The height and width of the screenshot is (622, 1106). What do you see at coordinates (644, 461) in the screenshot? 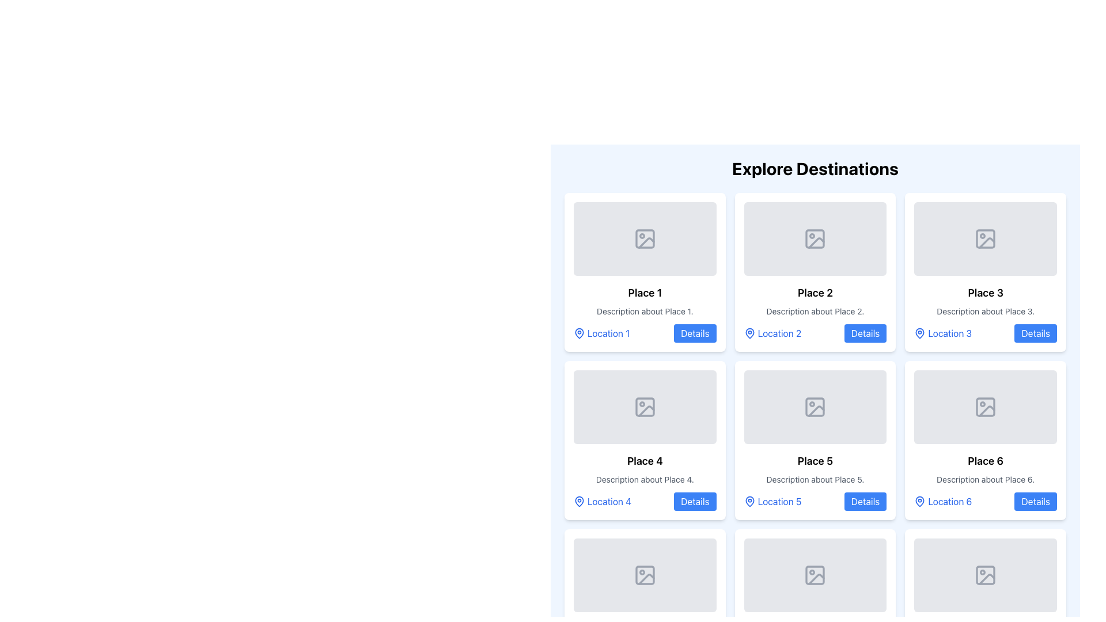
I see `the text label that identifies 'Place 4', which is the main title within its card, for potential tooltip display` at bounding box center [644, 461].